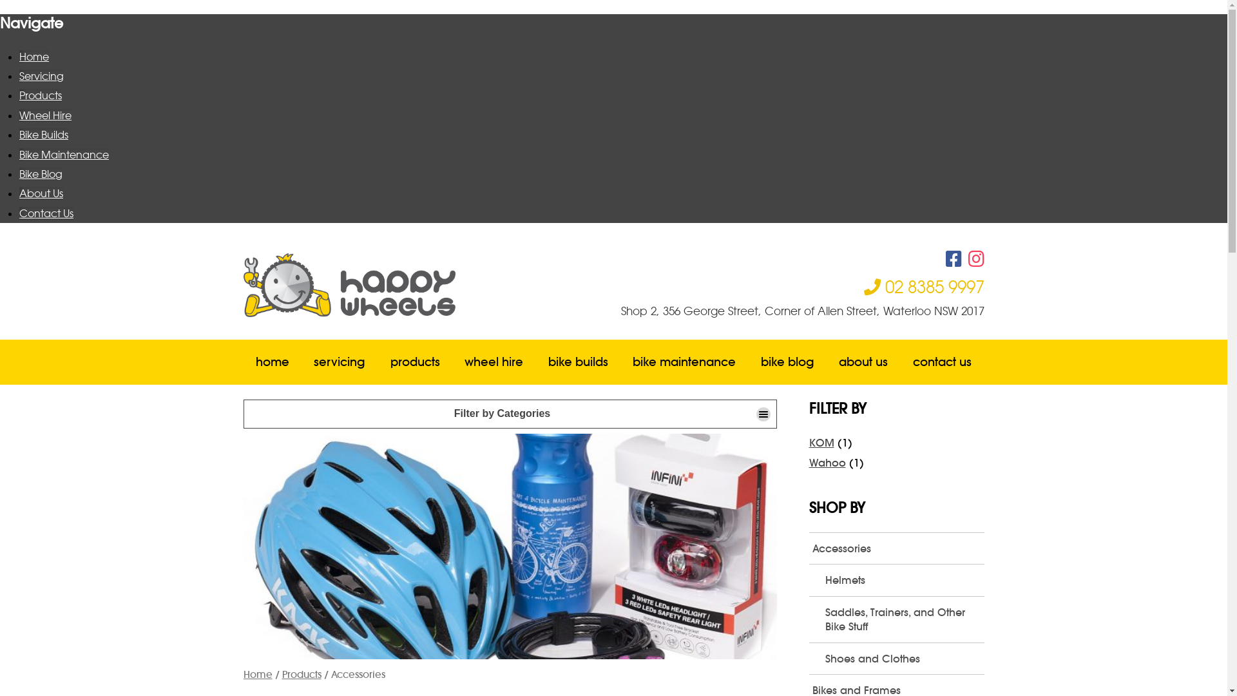 This screenshot has width=1237, height=696. Describe the element at coordinates (41, 76) in the screenshot. I see `'Servicing'` at that location.